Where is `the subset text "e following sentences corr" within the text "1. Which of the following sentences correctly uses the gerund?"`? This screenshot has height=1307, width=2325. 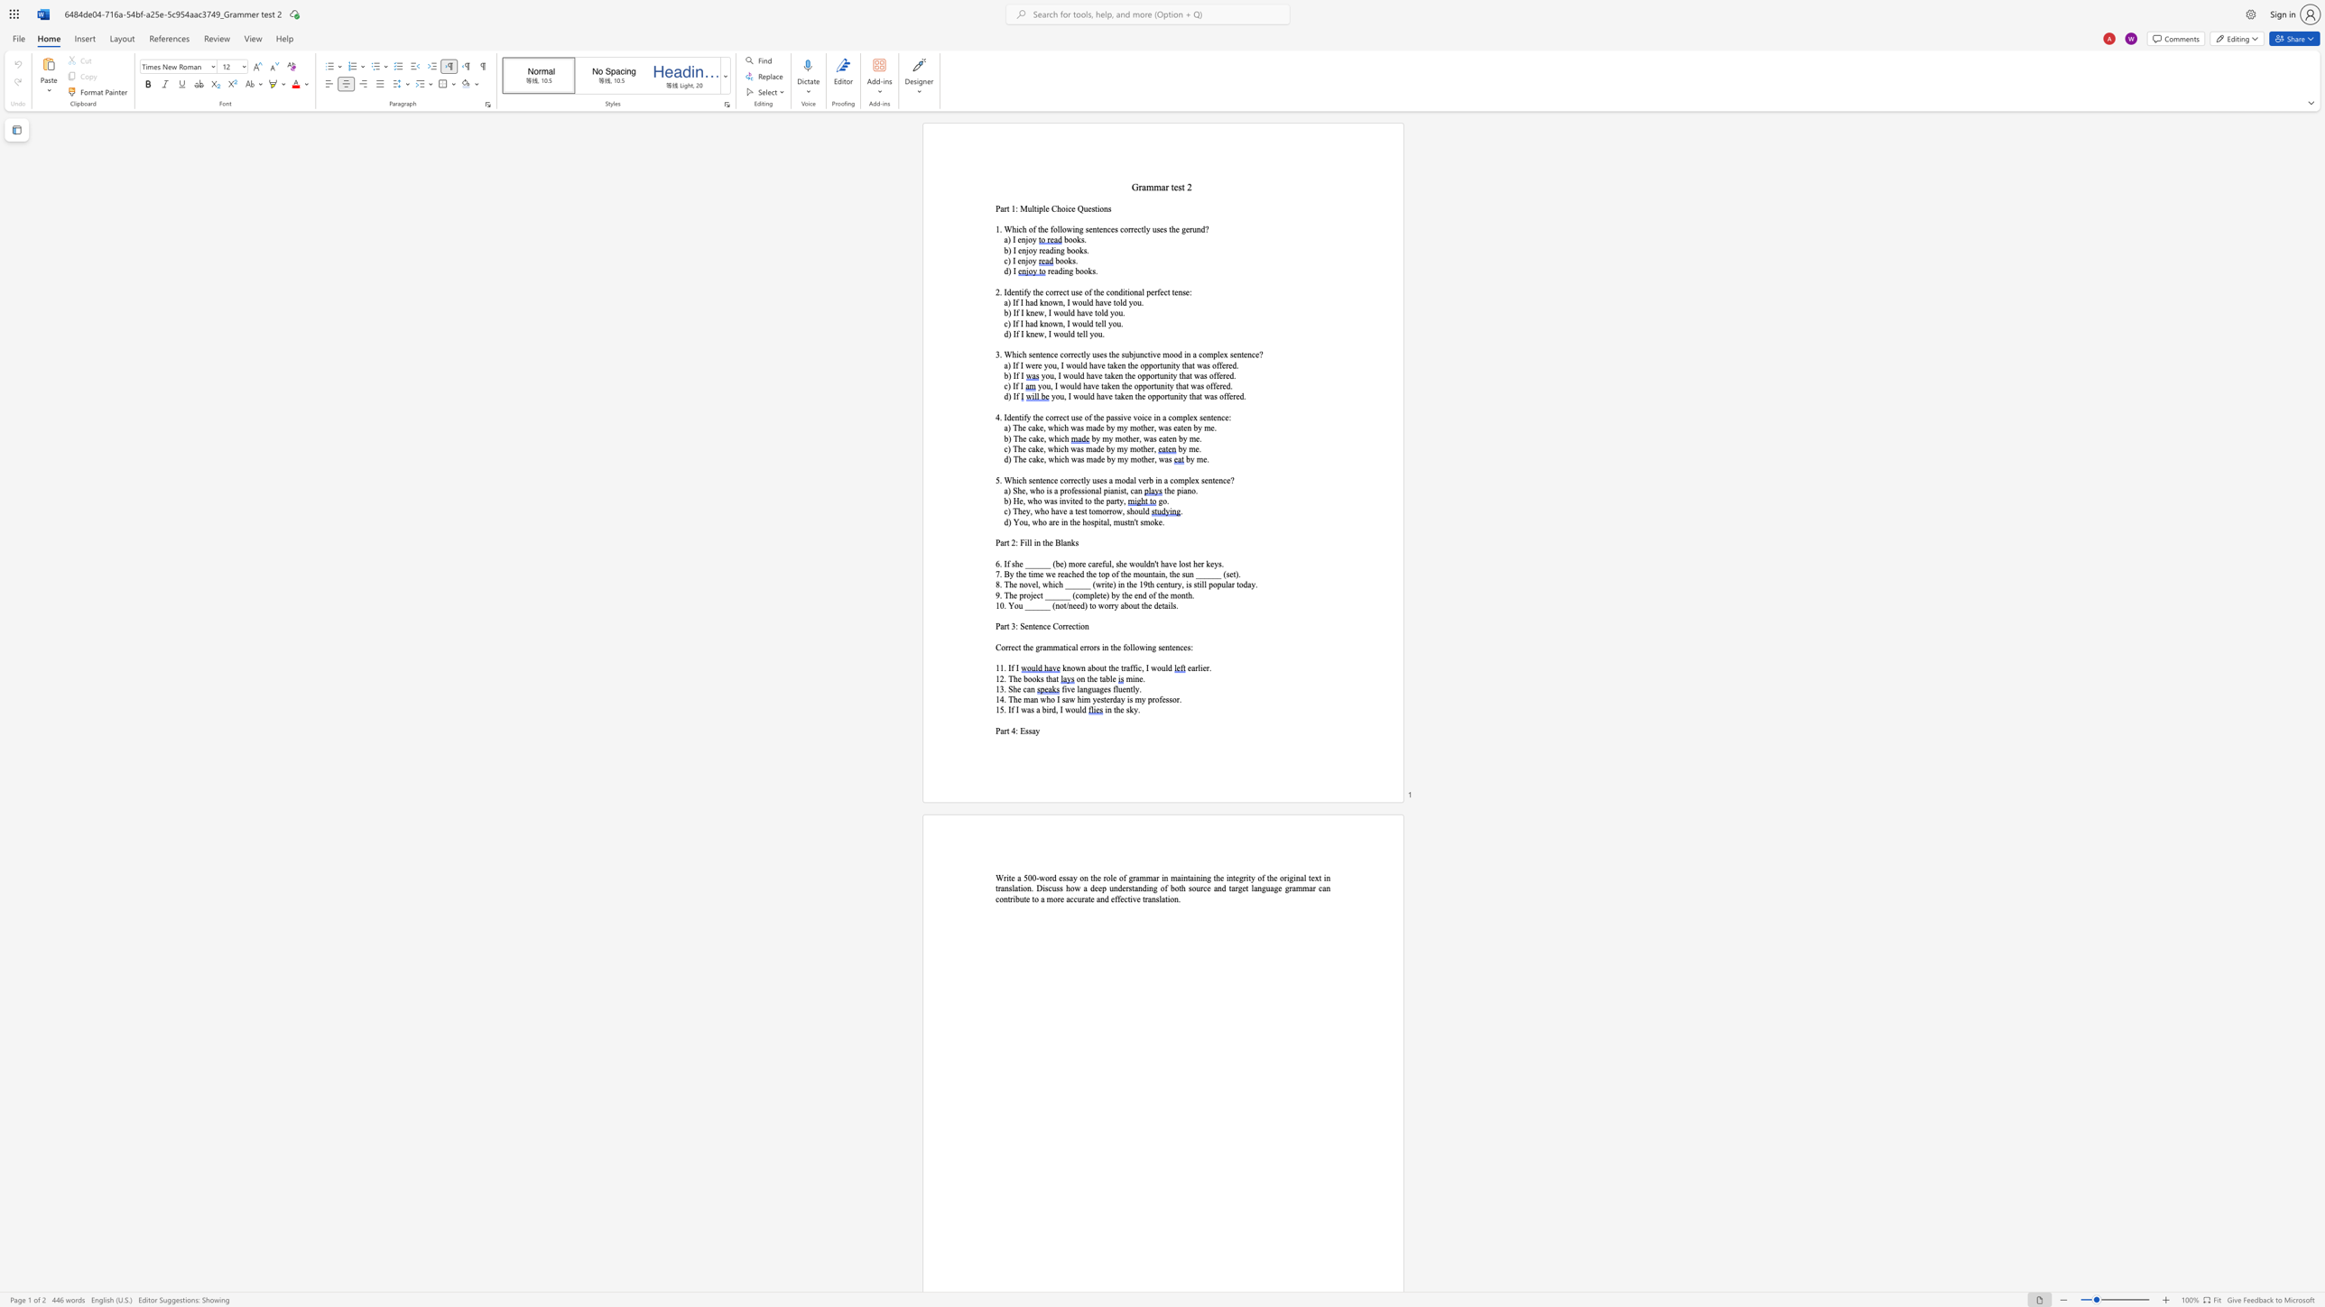
the subset text "e following sentences corr" within the text "1. Which of the following sentences correctly uses the gerund?" is located at coordinates (1043, 229).